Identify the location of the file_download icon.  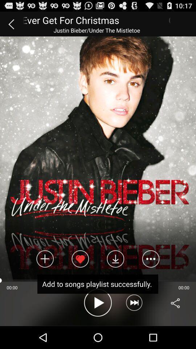
(115, 277).